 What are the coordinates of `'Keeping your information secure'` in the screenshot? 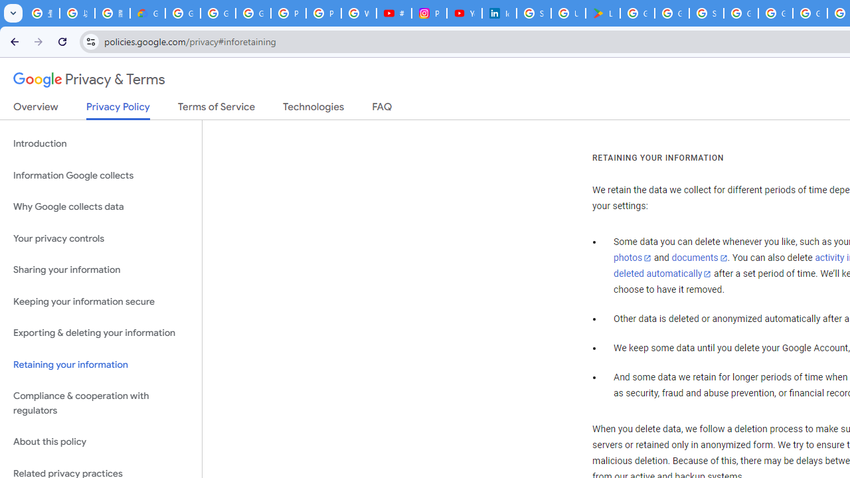 It's located at (100, 301).